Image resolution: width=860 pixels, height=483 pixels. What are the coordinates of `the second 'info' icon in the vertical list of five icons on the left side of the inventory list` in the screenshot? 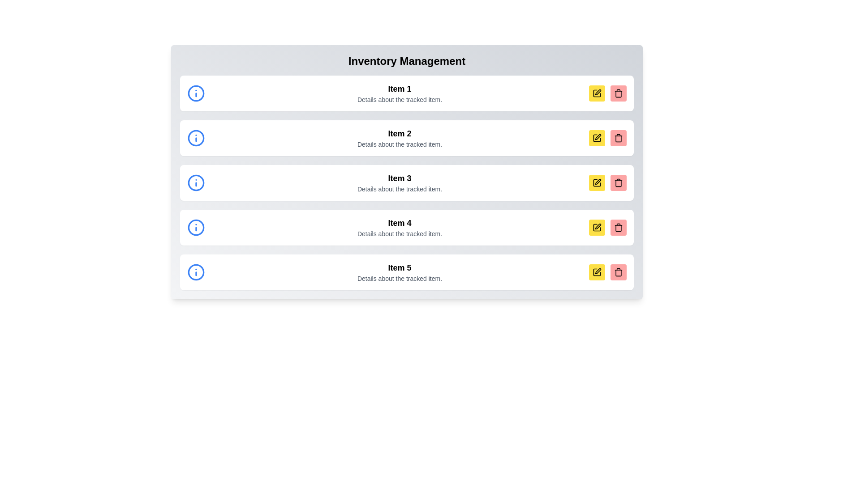 It's located at (195, 138).